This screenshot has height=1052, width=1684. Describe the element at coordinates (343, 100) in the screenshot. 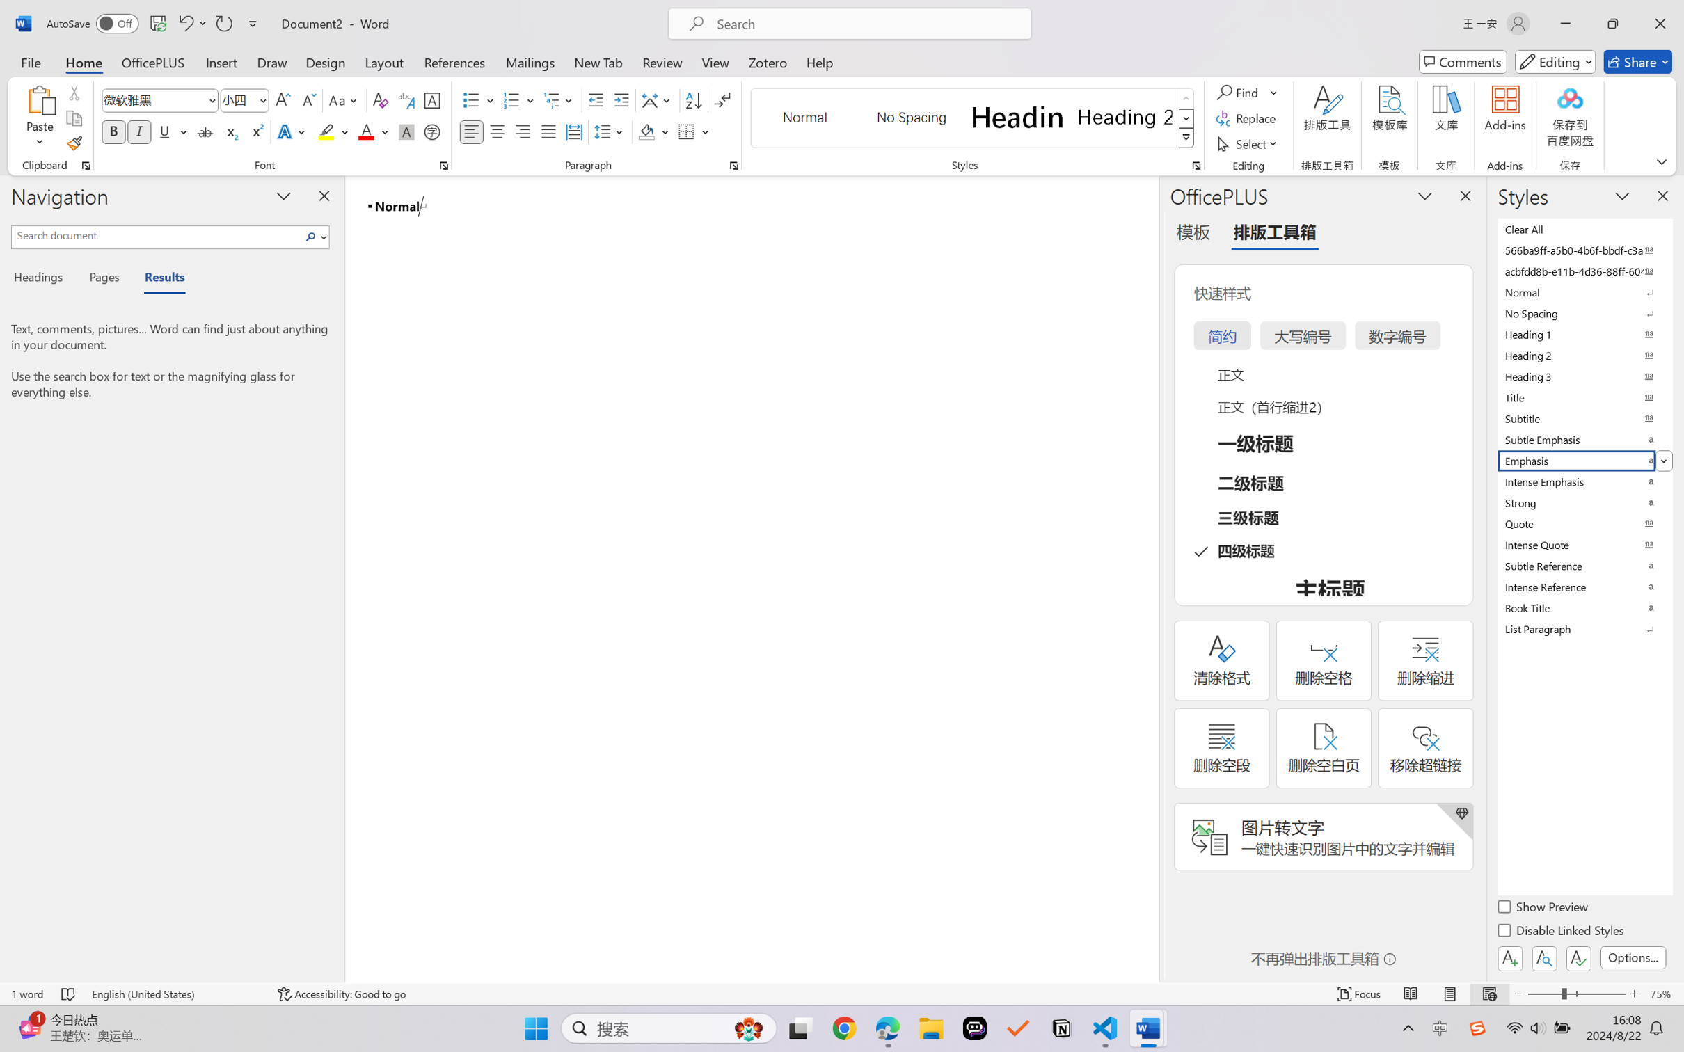

I see `'Change Case'` at that location.